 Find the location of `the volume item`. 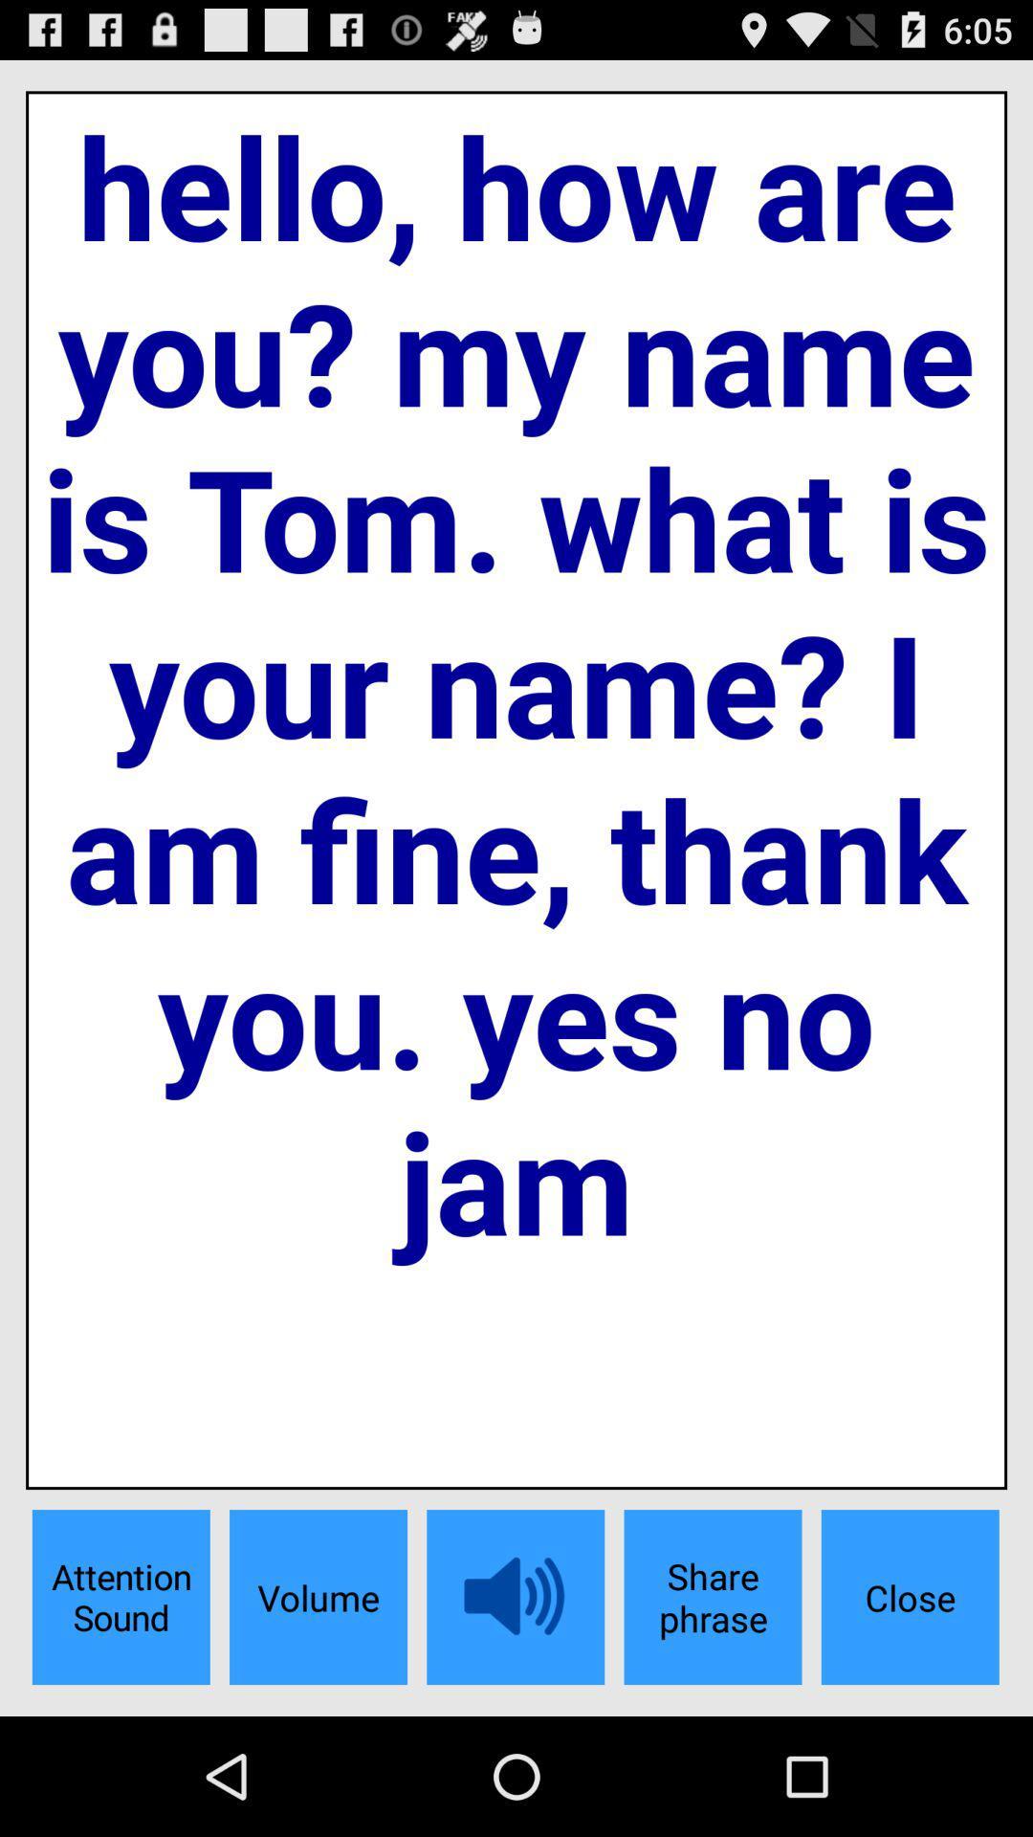

the volume item is located at coordinates (317, 1597).